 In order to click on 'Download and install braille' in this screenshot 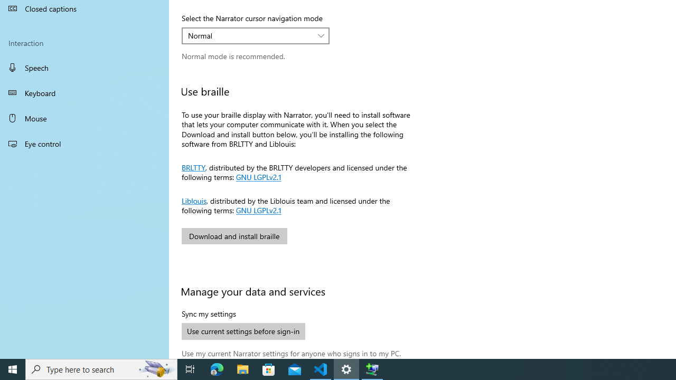, I will do `click(234, 235)`.